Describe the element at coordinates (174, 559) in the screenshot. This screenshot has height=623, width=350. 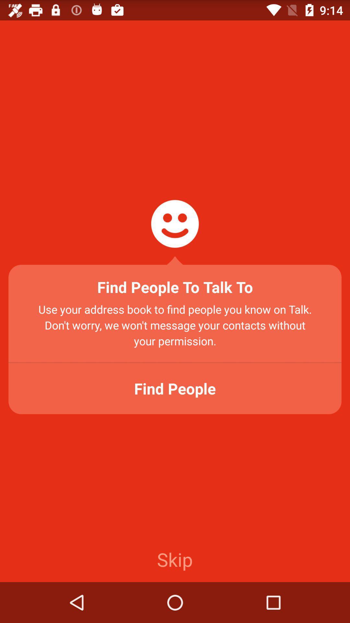
I see `the item at the bottom` at that location.